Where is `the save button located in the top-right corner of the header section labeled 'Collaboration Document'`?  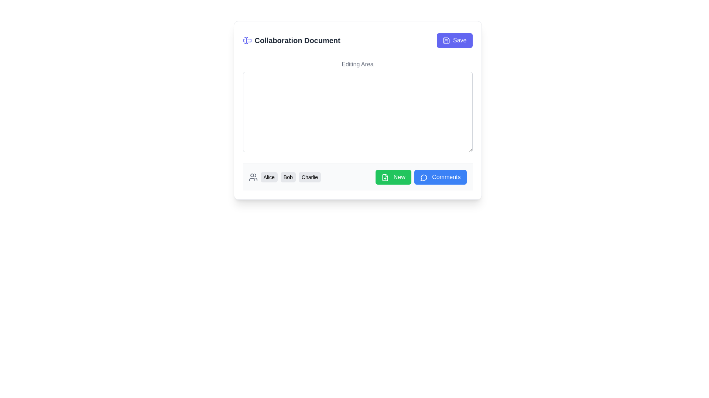 the save button located in the top-right corner of the header section labeled 'Collaboration Document' is located at coordinates (454, 41).